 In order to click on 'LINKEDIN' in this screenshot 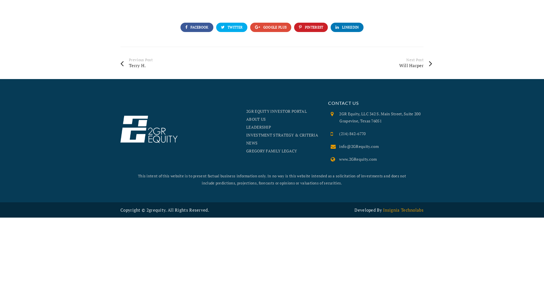, I will do `click(347, 27)`.